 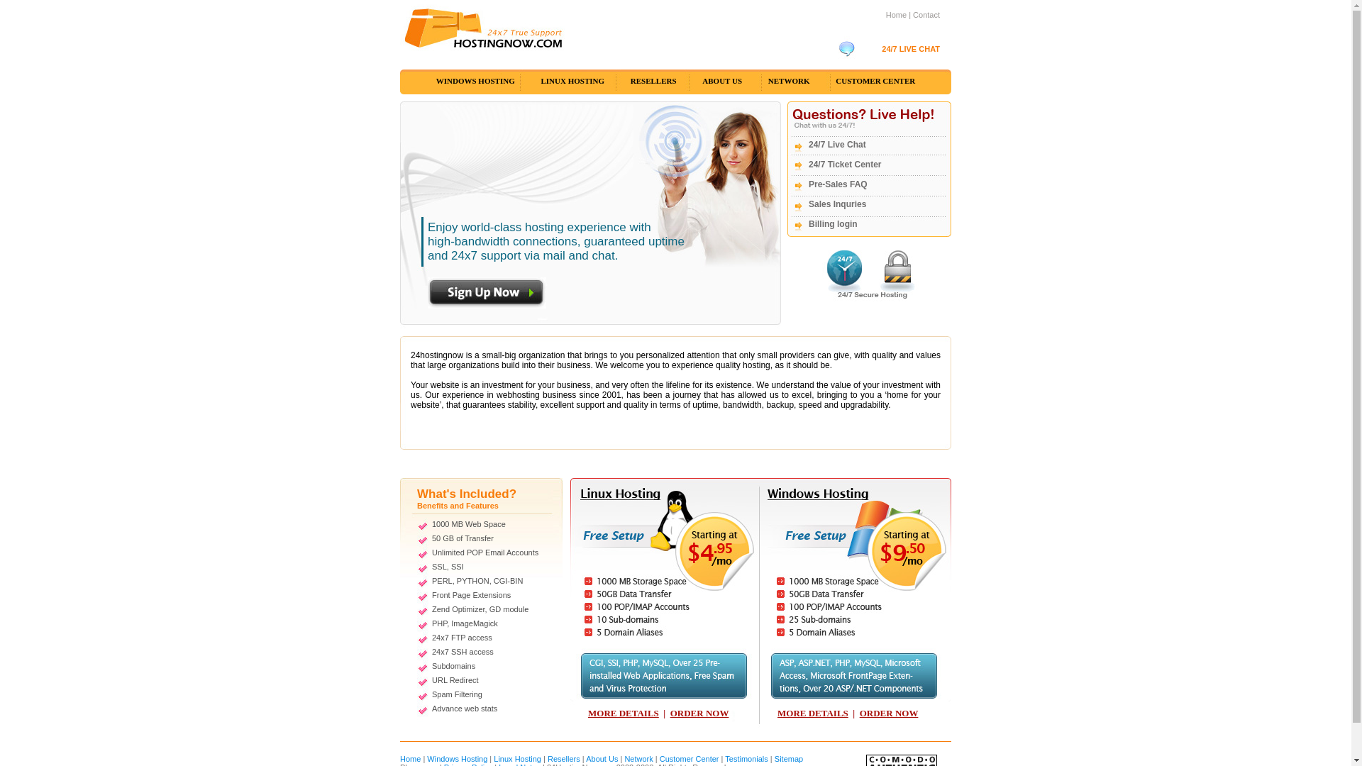 I want to click on 'Network', so click(x=638, y=757).